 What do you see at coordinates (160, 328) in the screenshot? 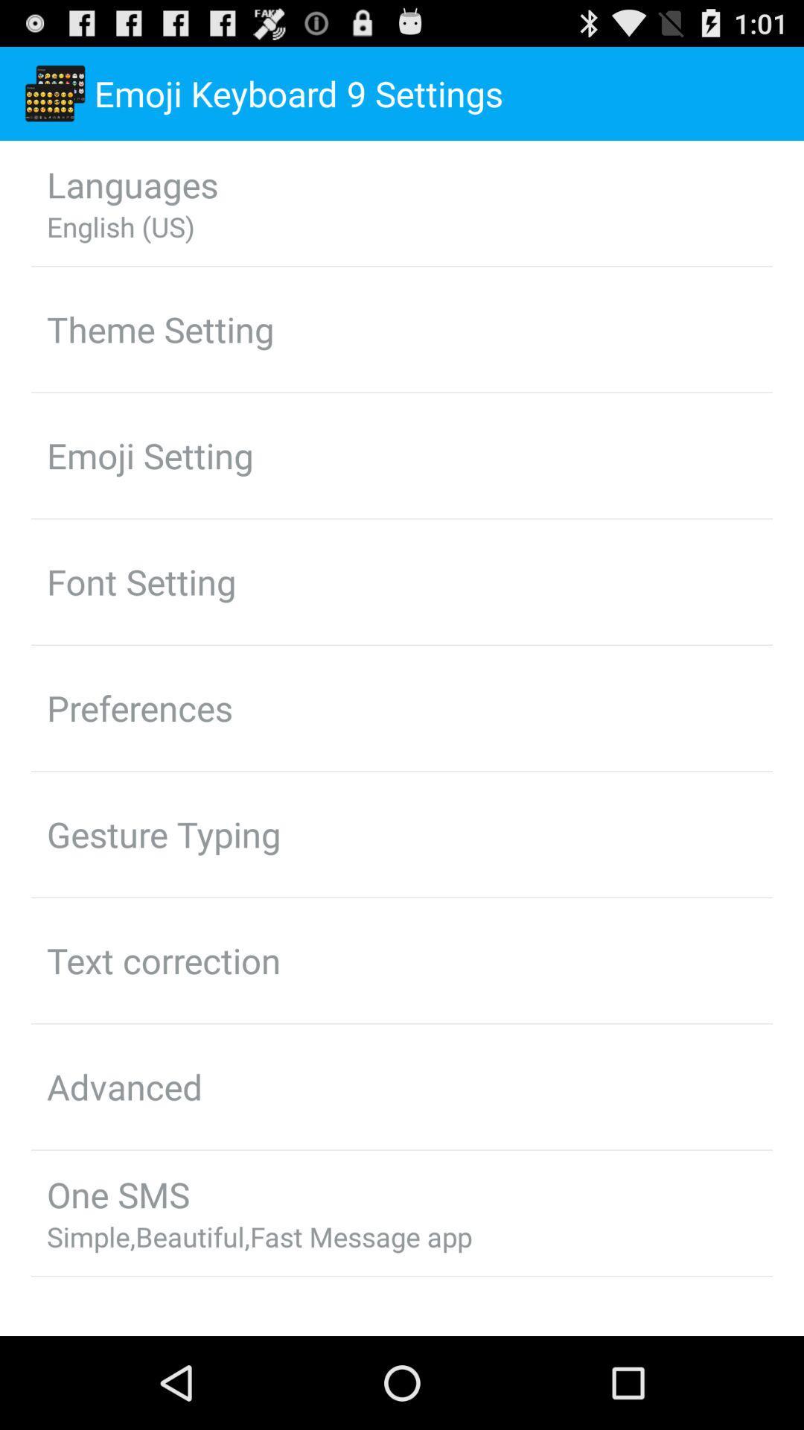
I see `the theme setting item` at bounding box center [160, 328].